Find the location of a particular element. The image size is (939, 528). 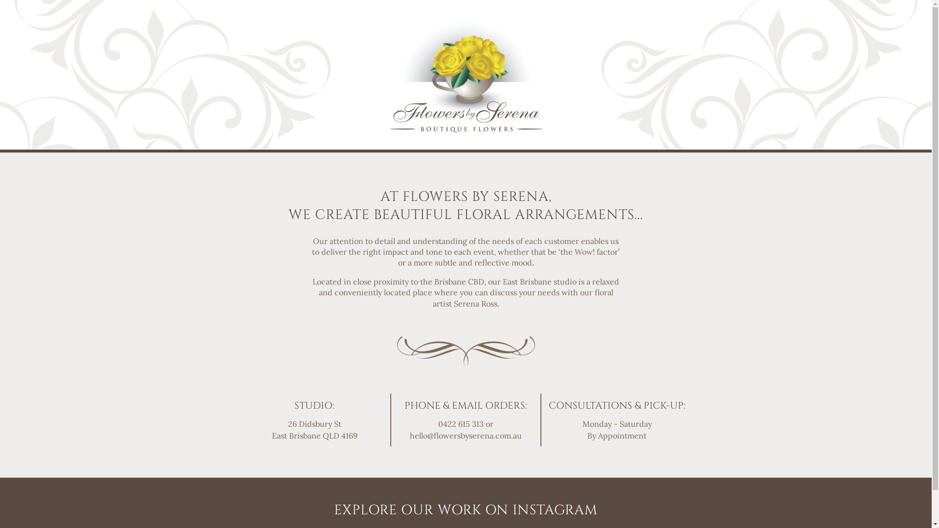

'0422 615 313' is located at coordinates (460, 423).